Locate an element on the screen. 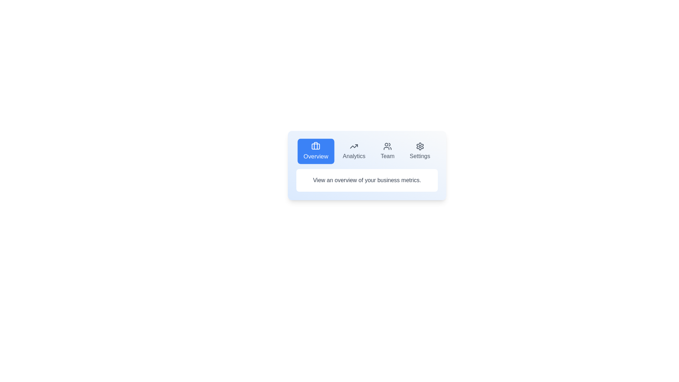 This screenshot has width=679, height=382. the tab button labeled Analytics is located at coordinates (354, 151).